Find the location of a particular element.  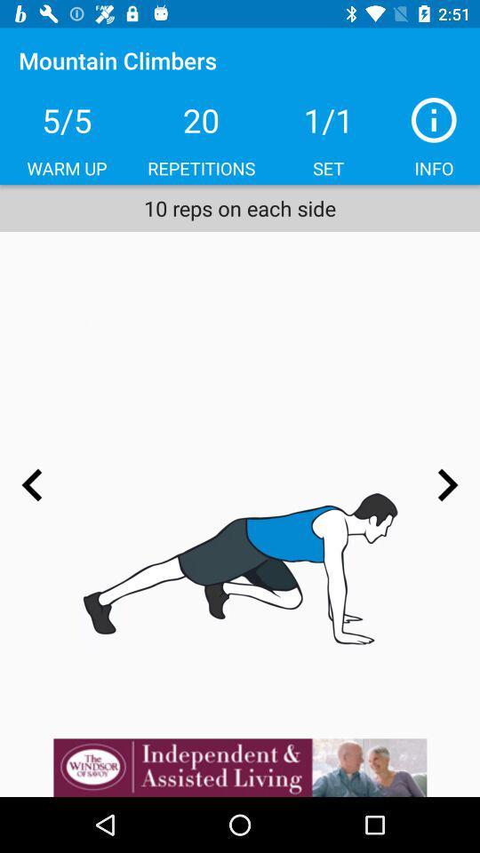

go forward is located at coordinates (446, 485).